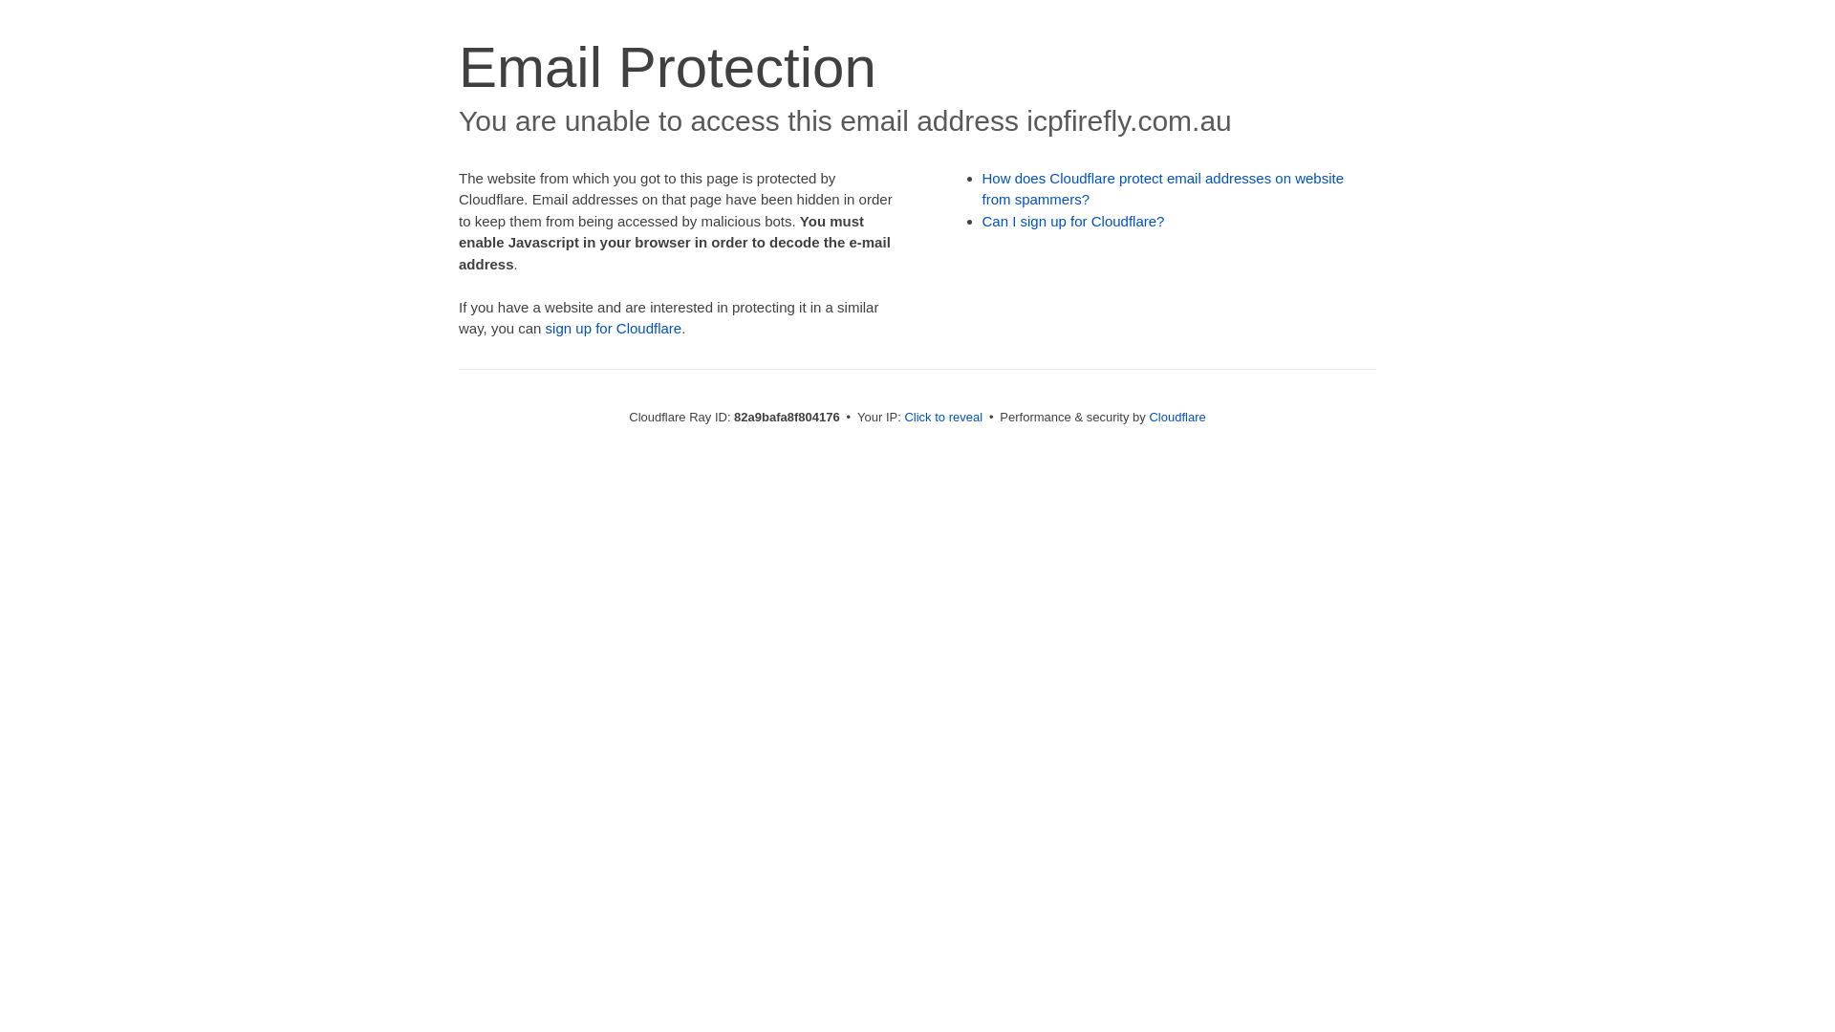 The height and width of the screenshot is (1032, 1835). I want to click on 'Click to reveal', so click(902, 416).